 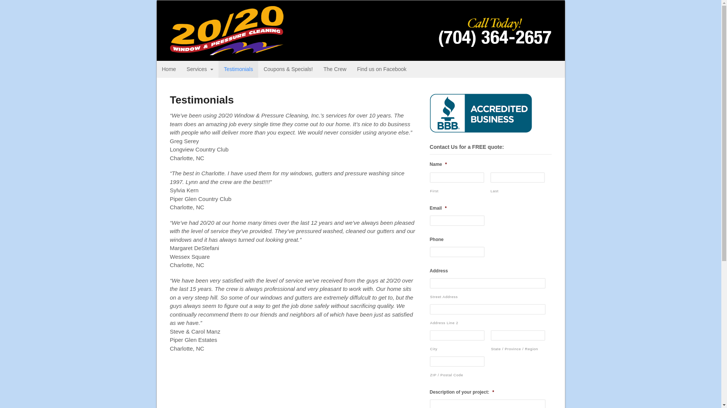 I want to click on 'Home', so click(x=168, y=69).